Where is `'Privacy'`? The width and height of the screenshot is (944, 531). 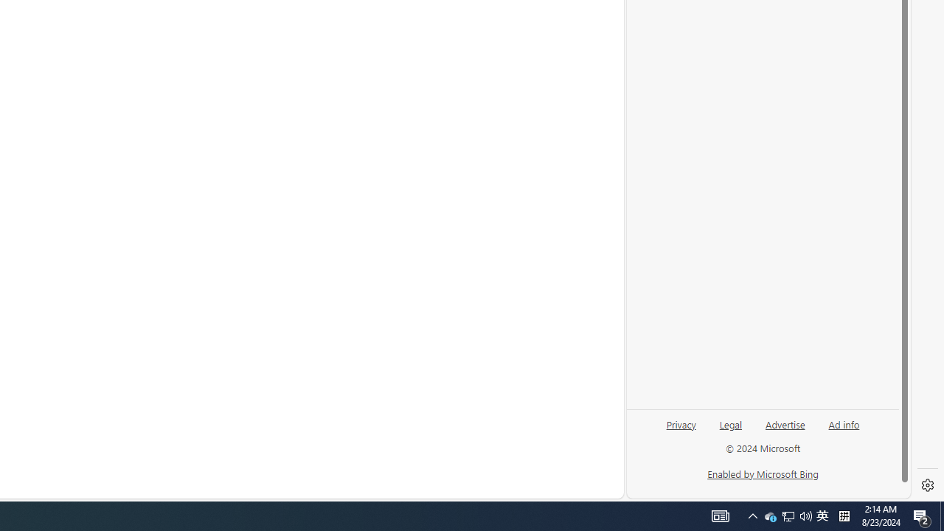
'Privacy' is located at coordinates (680, 430).